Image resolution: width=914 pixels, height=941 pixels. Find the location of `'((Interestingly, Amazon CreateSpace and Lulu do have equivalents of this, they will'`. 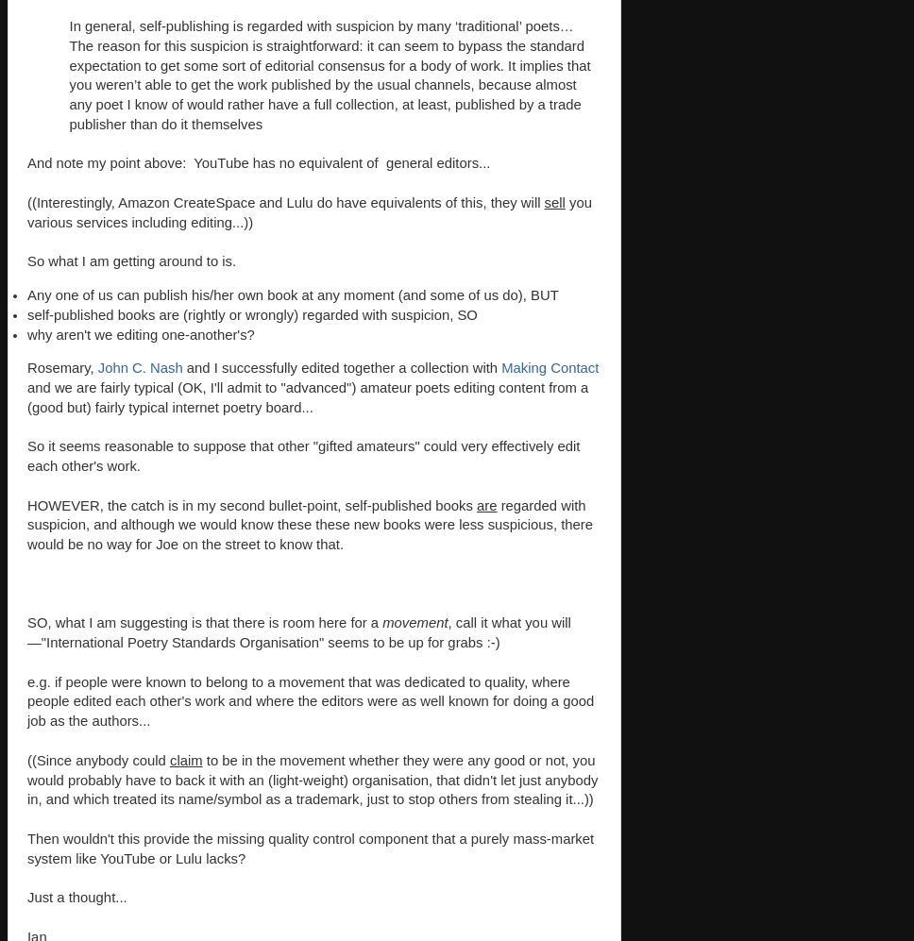

'((Interestingly, Amazon CreateSpace and Lulu do have equivalents of this, they will' is located at coordinates (284, 202).